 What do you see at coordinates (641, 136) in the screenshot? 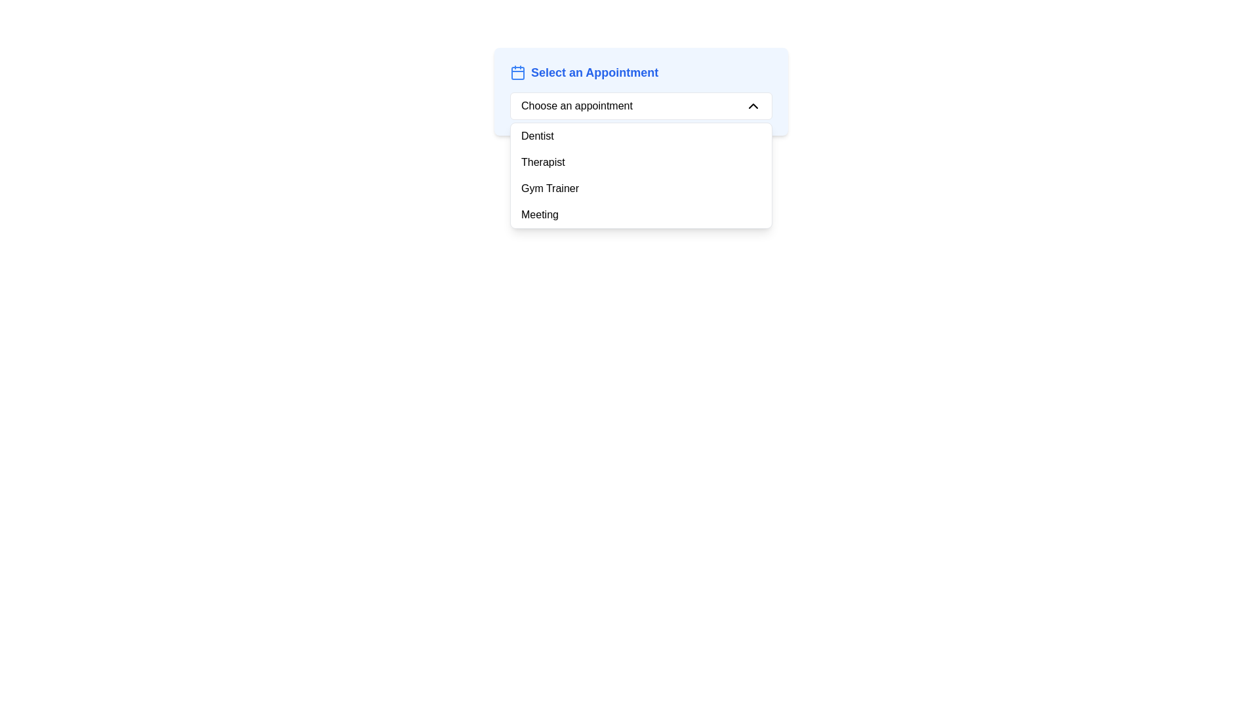
I see `the 'Dentist' option in the dropdown menu` at bounding box center [641, 136].